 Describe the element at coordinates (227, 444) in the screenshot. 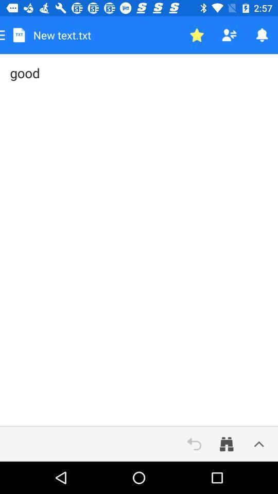

I see `find` at that location.